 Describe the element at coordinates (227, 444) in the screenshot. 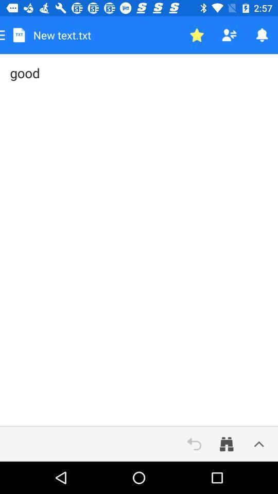

I see `find` at that location.